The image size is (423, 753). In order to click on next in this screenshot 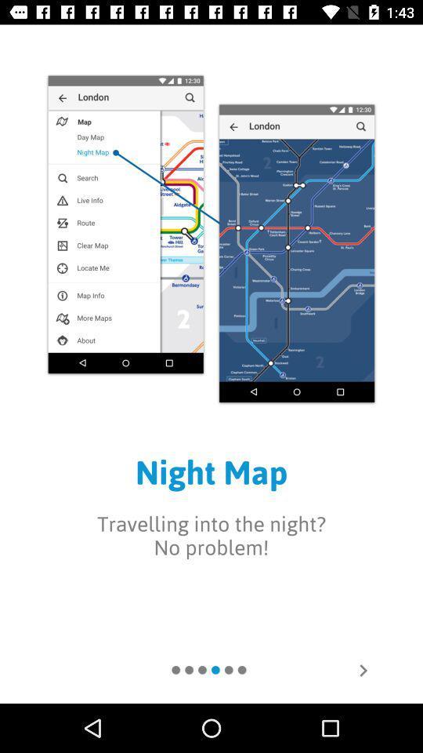, I will do `click(363, 669)`.